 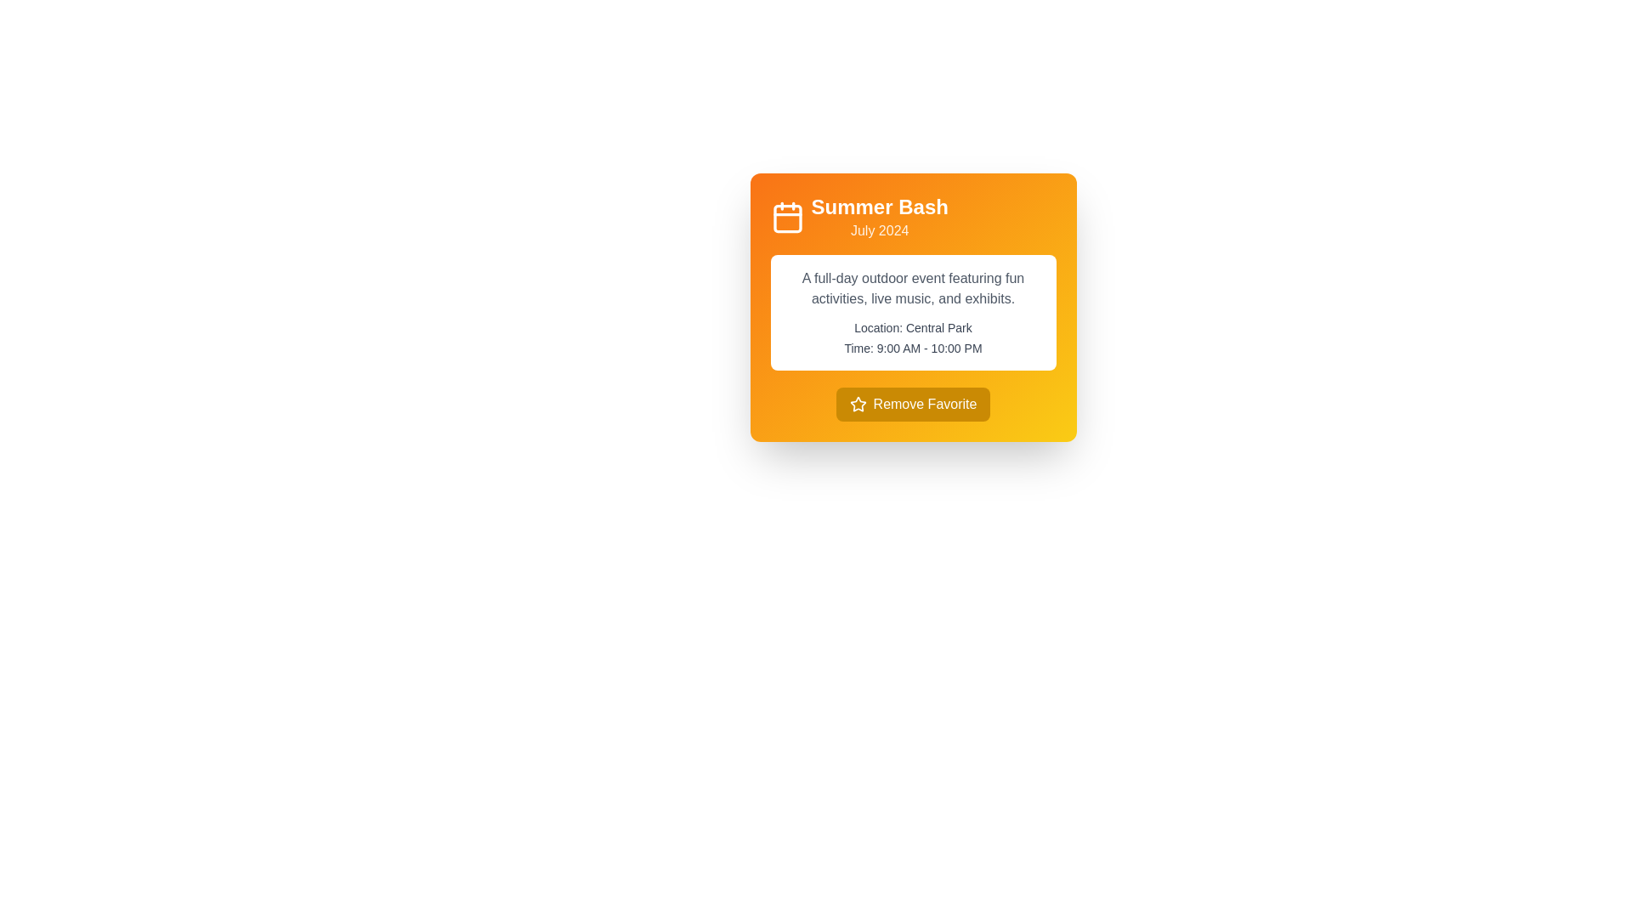 I want to click on the 'Remove Favorite' button with a yellow background and a white star icon to observe its styling change, so click(x=912, y=404).